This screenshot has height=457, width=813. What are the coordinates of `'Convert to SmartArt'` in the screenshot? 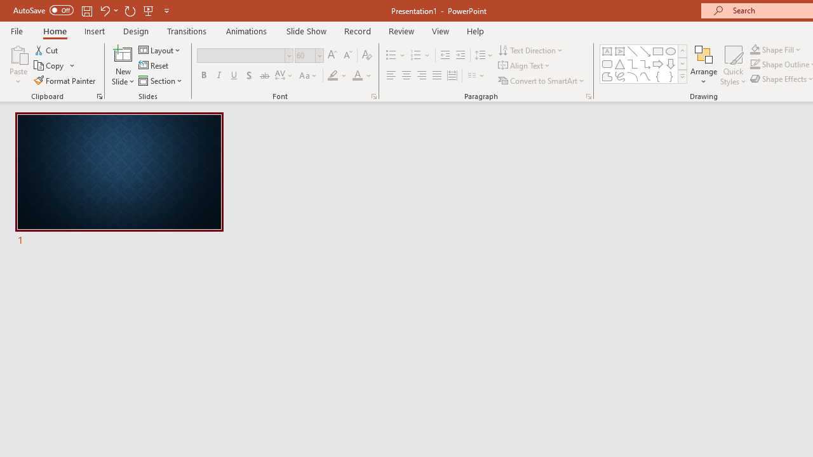 It's located at (542, 81).